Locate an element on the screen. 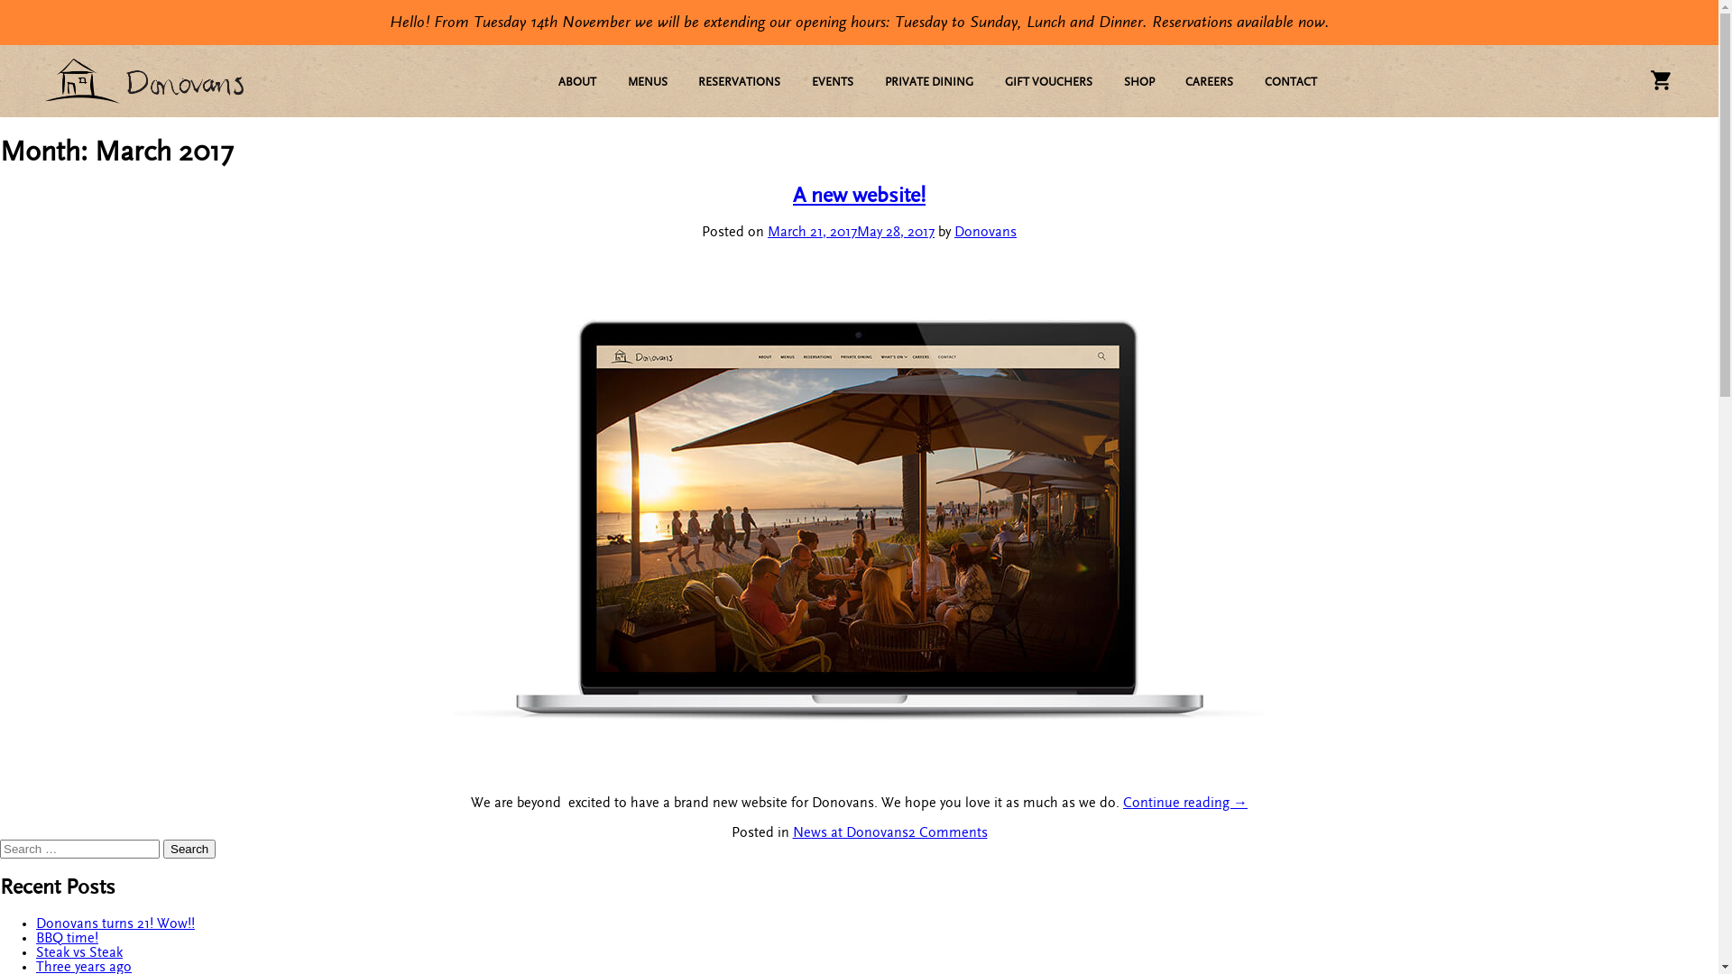 The height and width of the screenshot is (974, 1732). 'CAREERS' is located at coordinates (1185, 82).